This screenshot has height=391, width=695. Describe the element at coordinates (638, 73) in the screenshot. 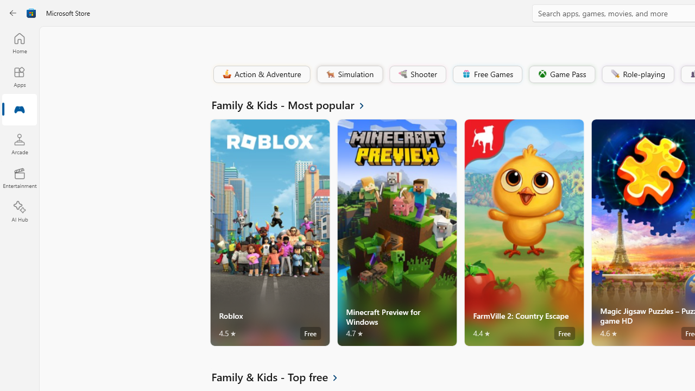

I see `'Role-playing'` at that location.